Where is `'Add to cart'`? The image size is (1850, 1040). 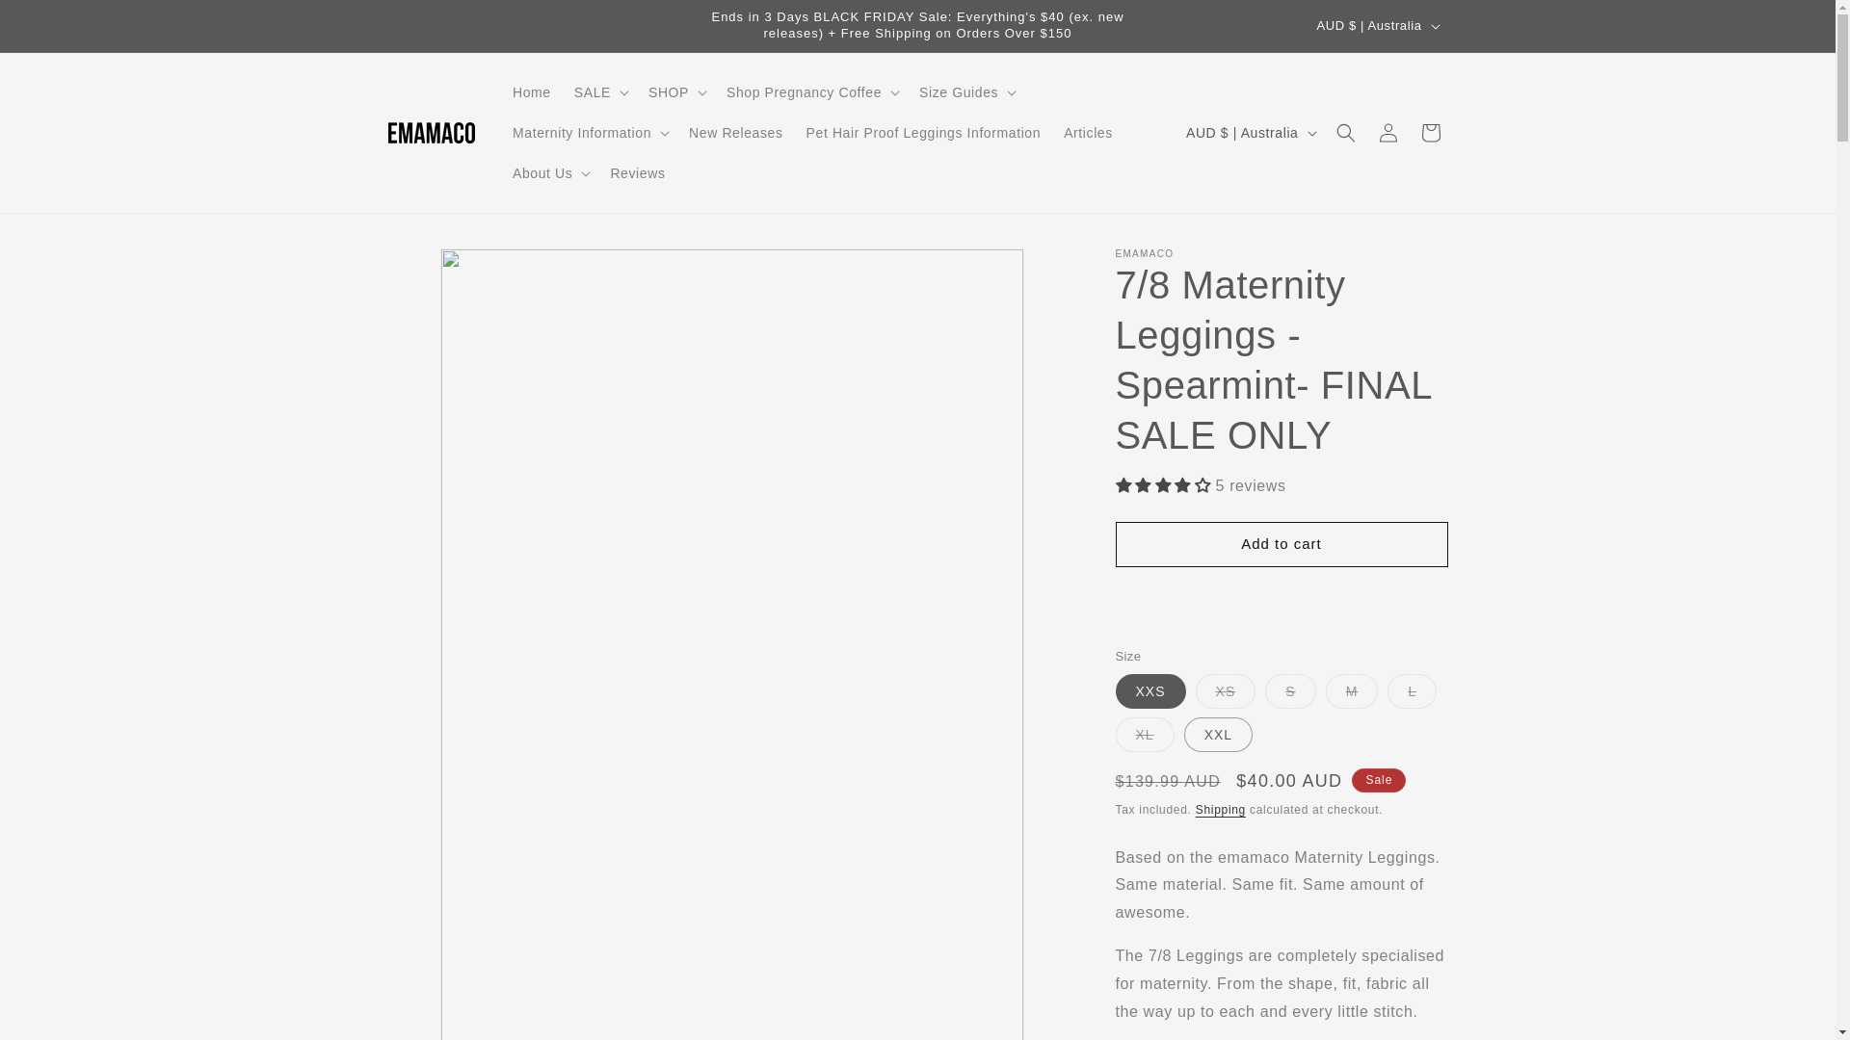
'Add to cart' is located at coordinates (1282, 544).